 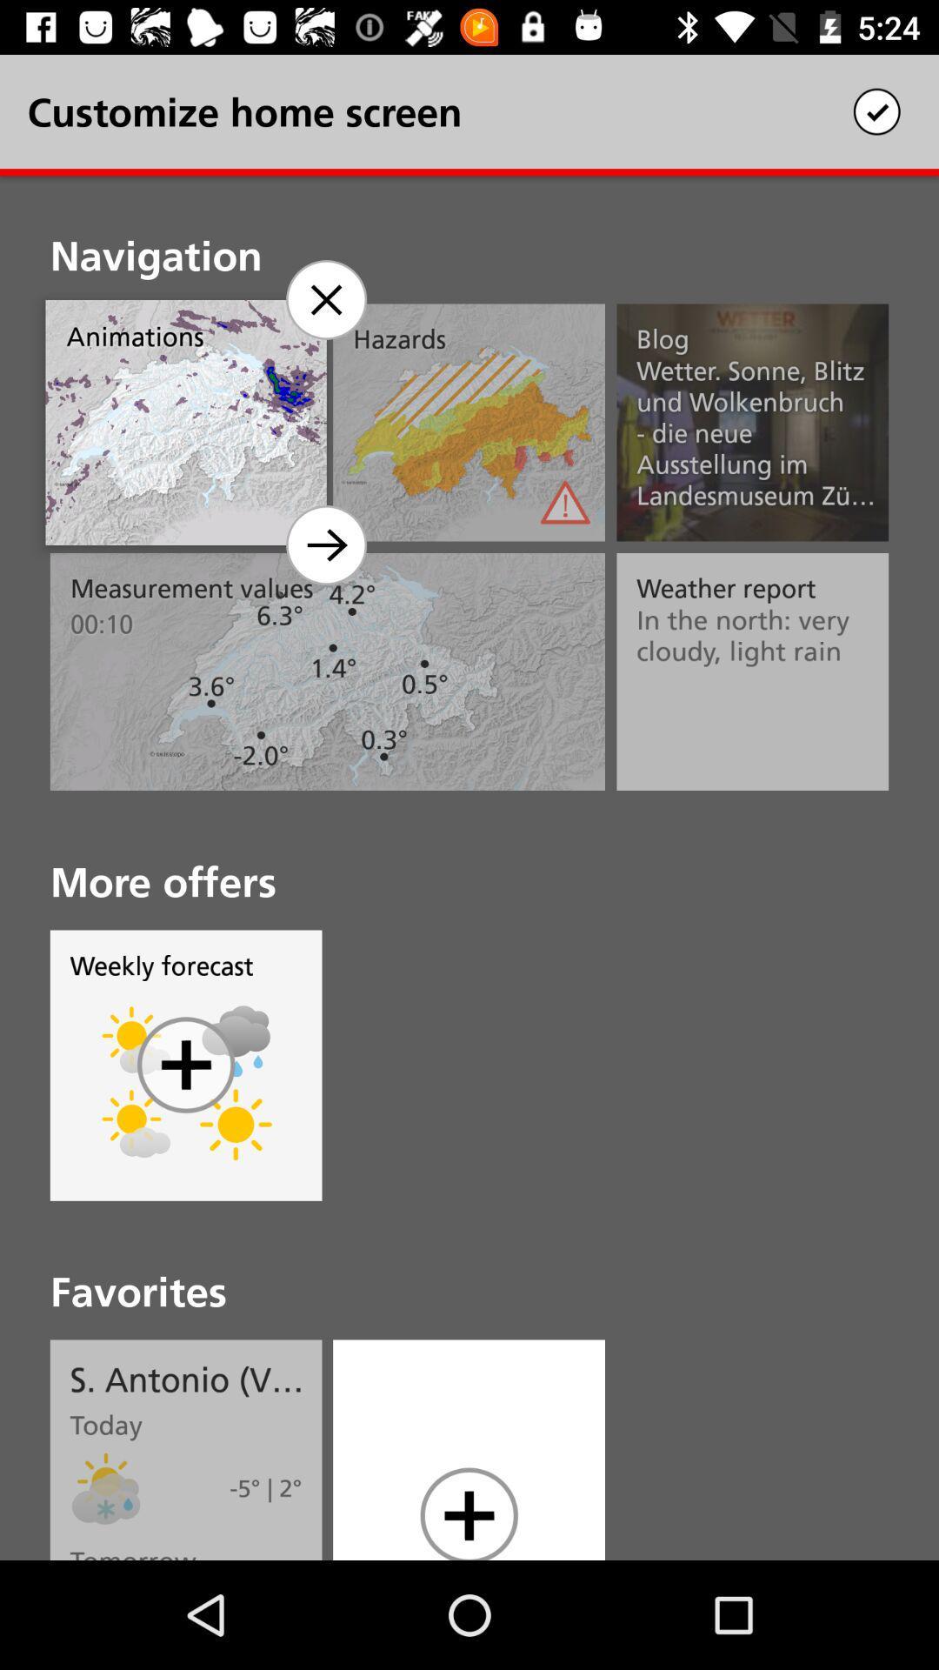 What do you see at coordinates (186, 1065) in the screenshot?
I see `symbol in circle which is below weekly forecast` at bounding box center [186, 1065].